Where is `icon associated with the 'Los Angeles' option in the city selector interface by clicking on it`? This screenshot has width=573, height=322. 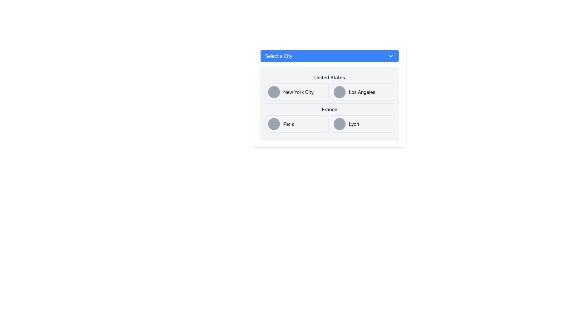
icon associated with the 'Los Angeles' option in the city selector interface by clicking on it is located at coordinates (339, 92).